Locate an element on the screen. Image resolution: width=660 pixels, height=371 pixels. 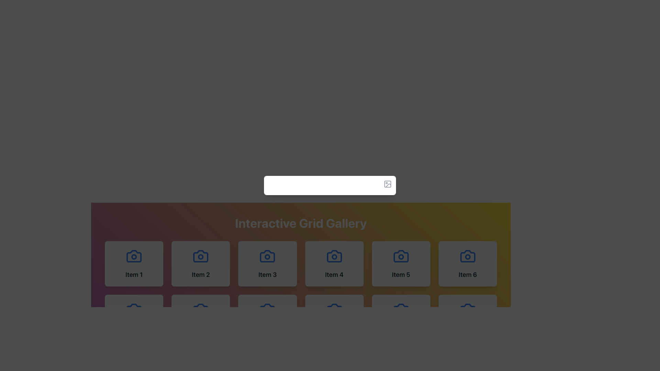
the text label that identifies the card's content as 'Item 5', located in the third row and second column of the grid layout, positioned below its visual icon component is located at coordinates (401, 274).